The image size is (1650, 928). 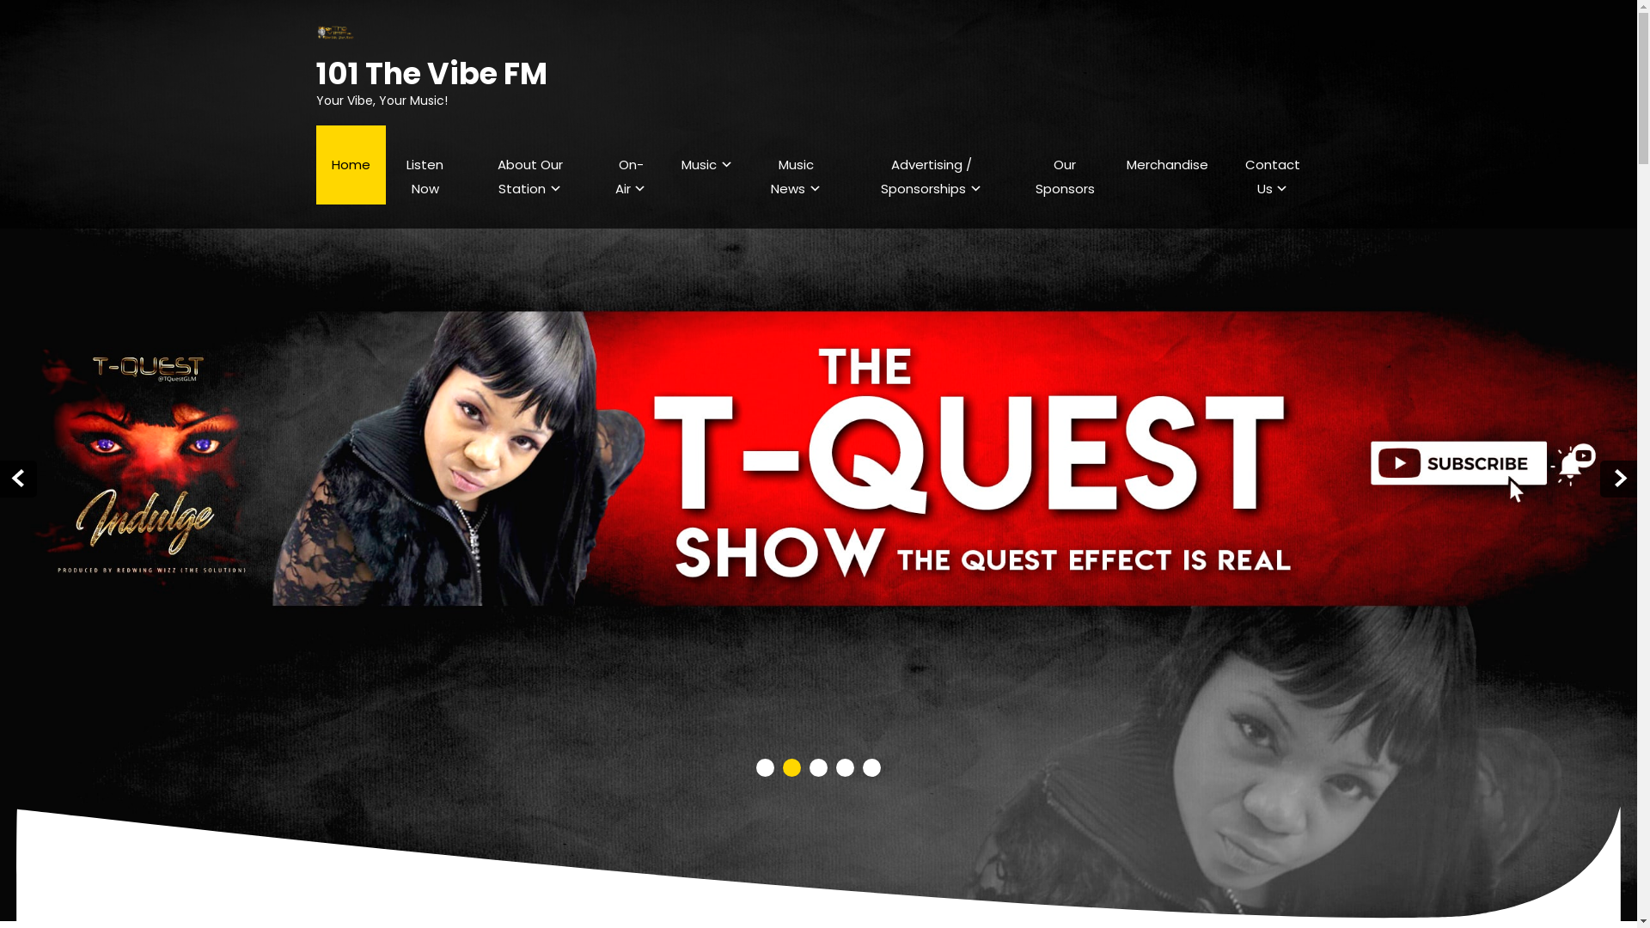 What do you see at coordinates (706, 165) in the screenshot?
I see `'Music'` at bounding box center [706, 165].